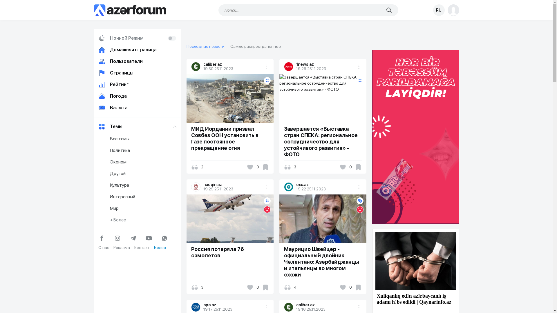 This screenshot has width=557, height=313. What do you see at coordinates (232, 305) in the screenshot?
I see `'apa.az'` at bounding box center [232, 305].